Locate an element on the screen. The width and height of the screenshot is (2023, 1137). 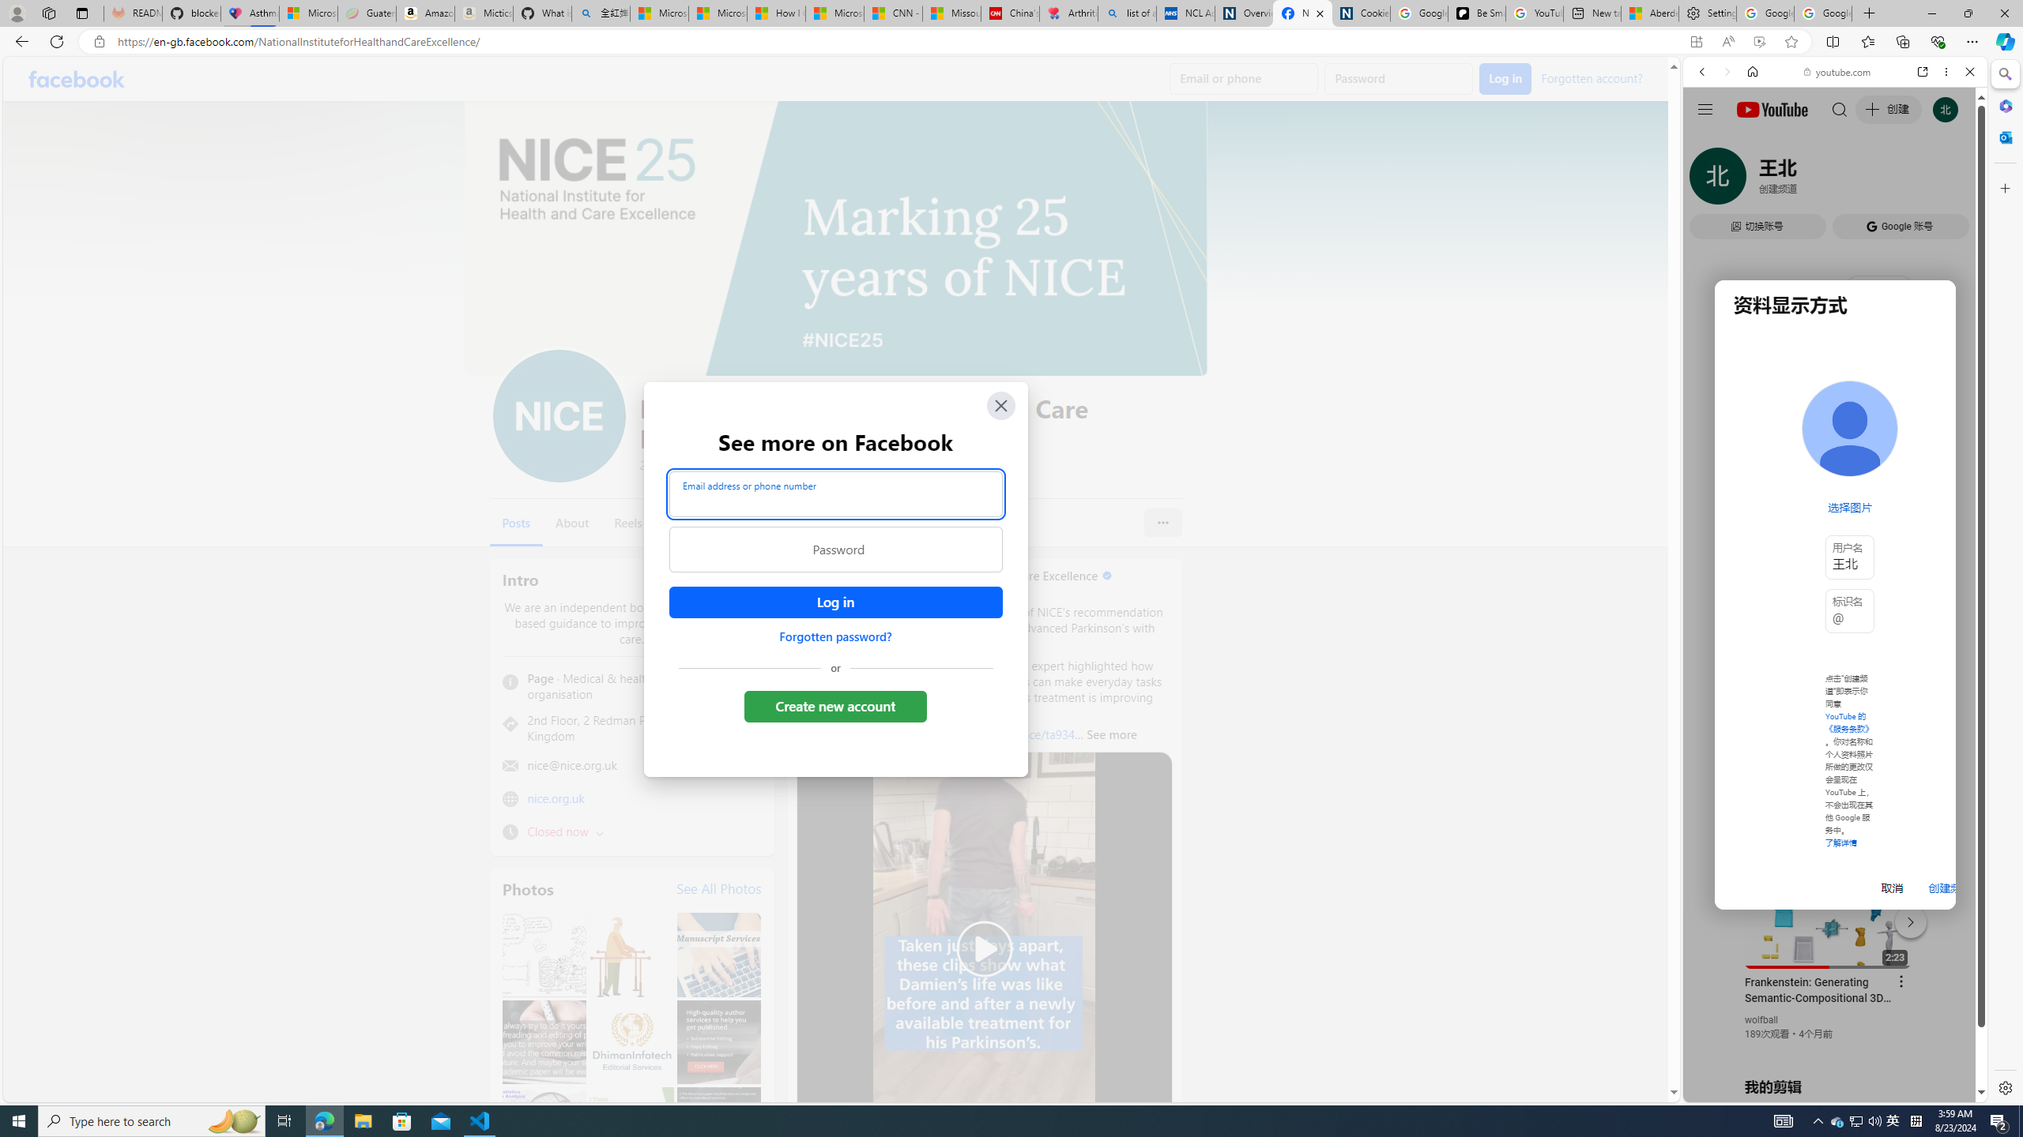
'Email or phone' is located at coordinates (1243, 78).